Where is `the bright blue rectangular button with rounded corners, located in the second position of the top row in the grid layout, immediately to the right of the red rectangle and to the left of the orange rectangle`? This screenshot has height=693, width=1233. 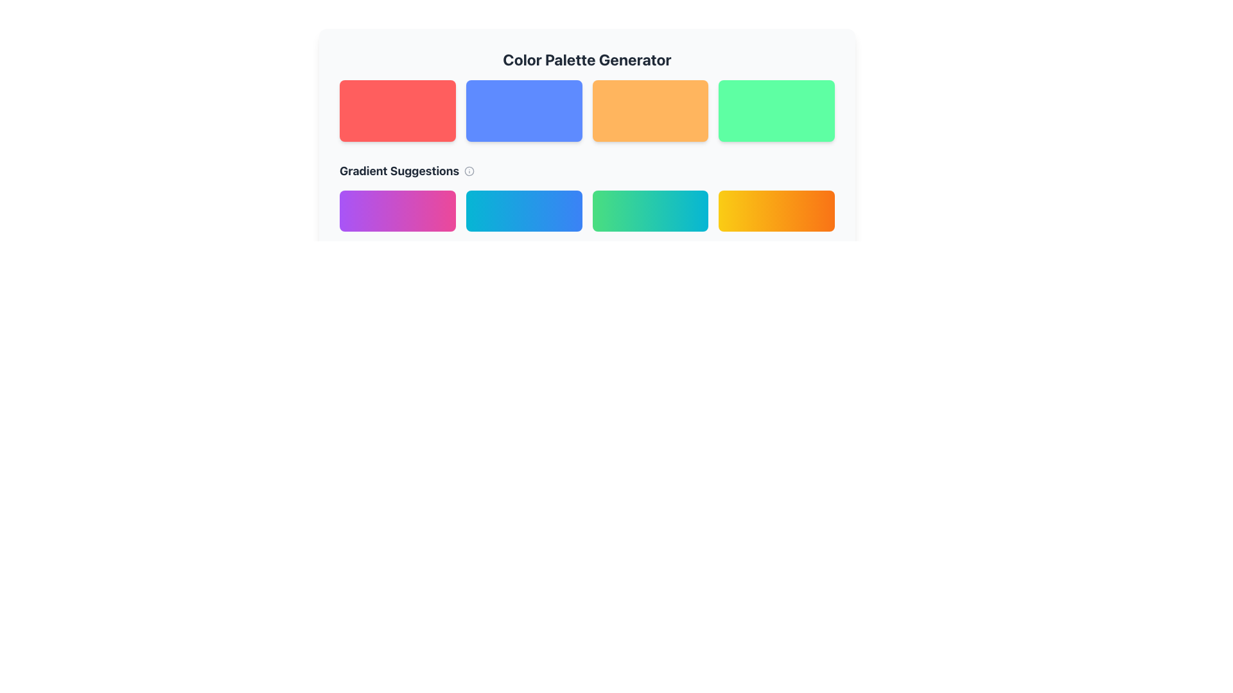 the bright blue rectangular button with rounded corners, located in the second position of the top row in the grid layout, immediately to the right of the red rectangle and to the left of the orange rectangle is located at coordinates (524, 110).